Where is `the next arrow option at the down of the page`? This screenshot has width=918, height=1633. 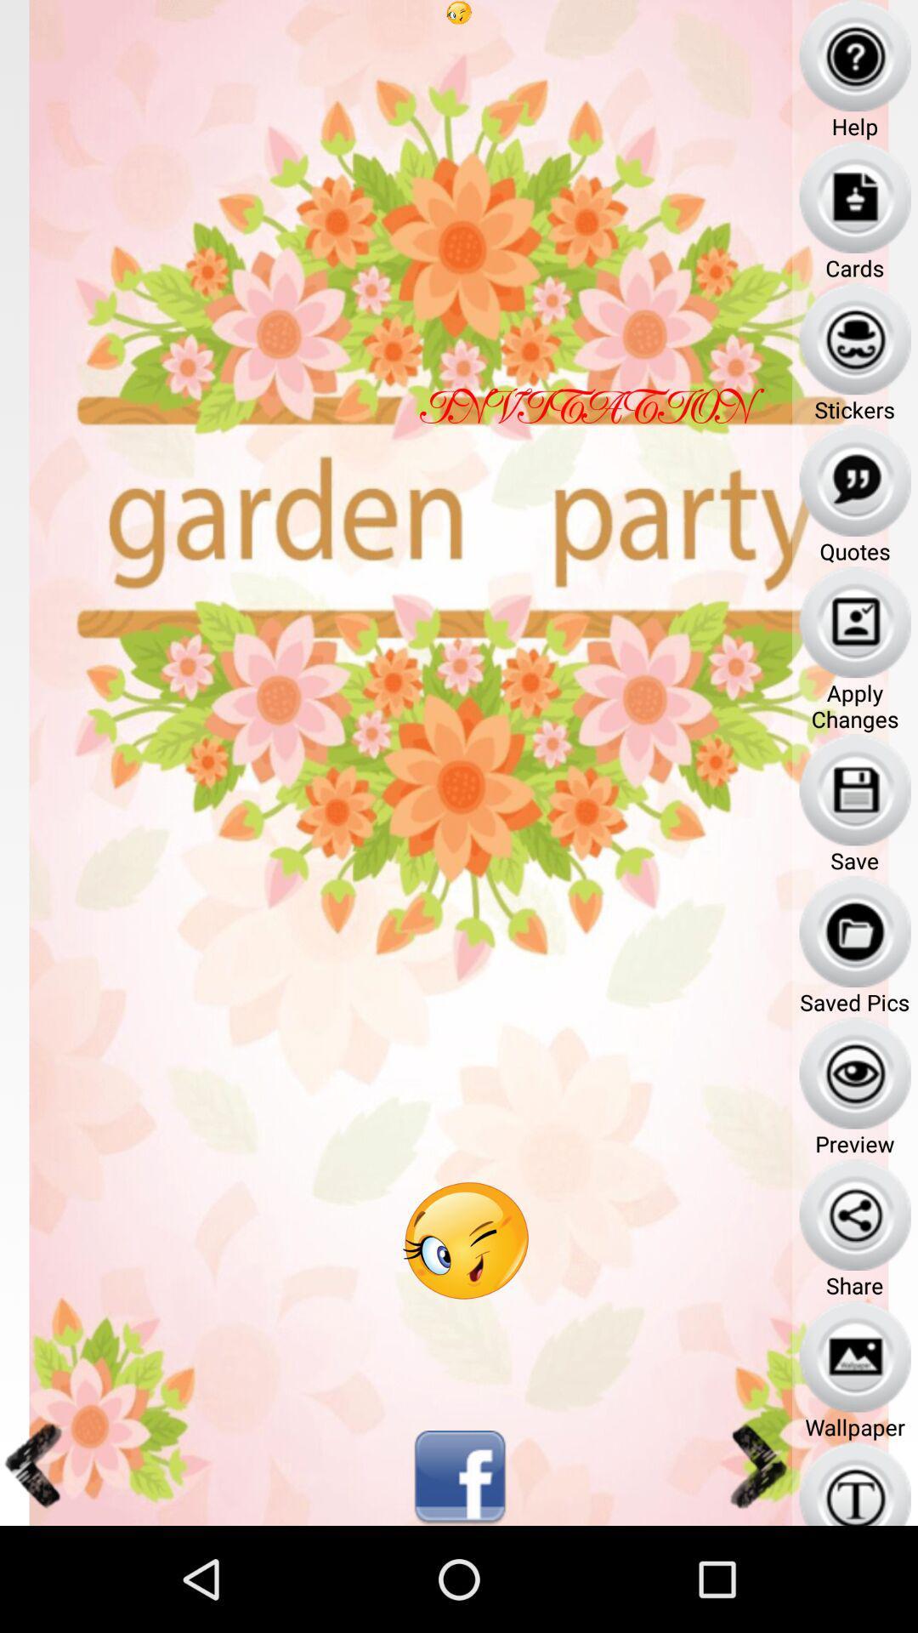 the next arrow option at the down of the page is located at coordinates (756, 1465).